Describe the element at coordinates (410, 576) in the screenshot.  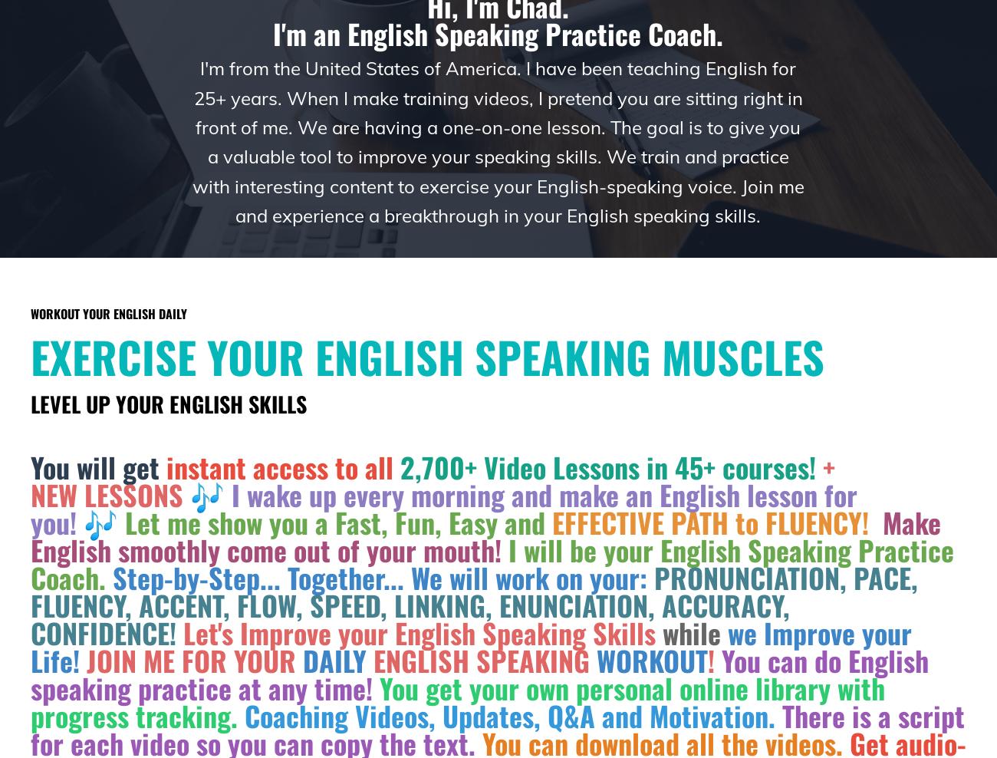
I see `'We will work on your:'` at that location.